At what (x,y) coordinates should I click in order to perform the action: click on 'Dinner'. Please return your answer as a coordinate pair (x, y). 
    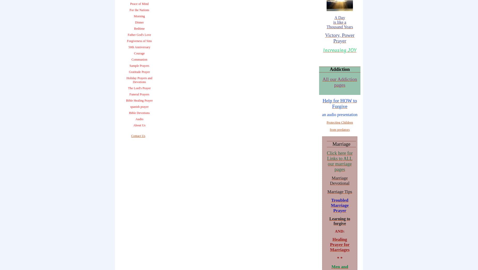
    Looking at the image, I should click on (139, 22).